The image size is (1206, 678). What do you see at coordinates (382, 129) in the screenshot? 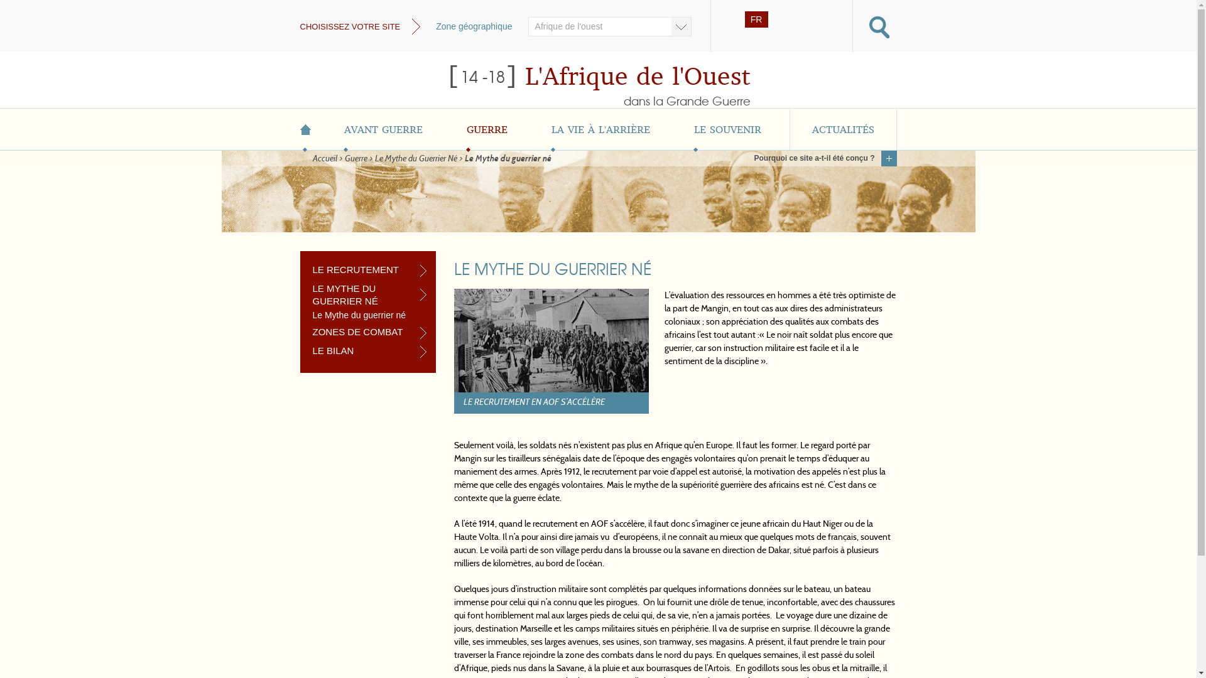
I see `'AVANT GUERRE'` at bounding box center [382, 129].